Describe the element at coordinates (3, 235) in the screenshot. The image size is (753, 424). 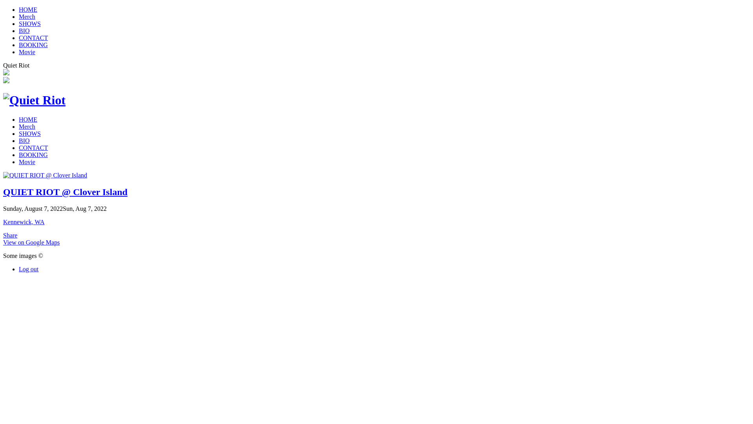
I see `'Share'` at that location.